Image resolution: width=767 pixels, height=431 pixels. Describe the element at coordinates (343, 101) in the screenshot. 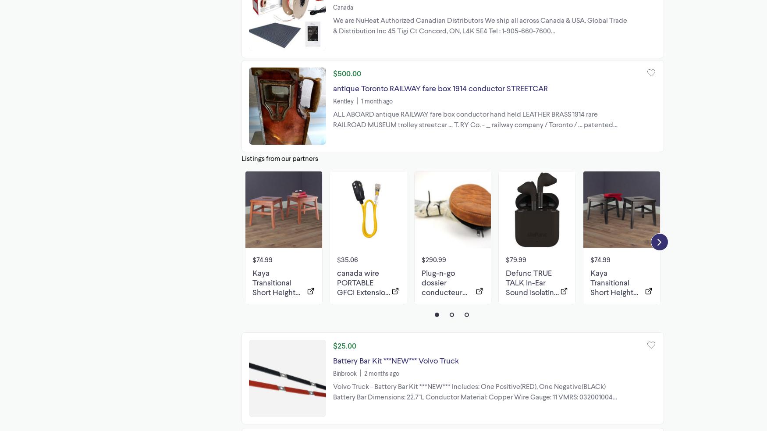

I see `'Kentley'` at that location.